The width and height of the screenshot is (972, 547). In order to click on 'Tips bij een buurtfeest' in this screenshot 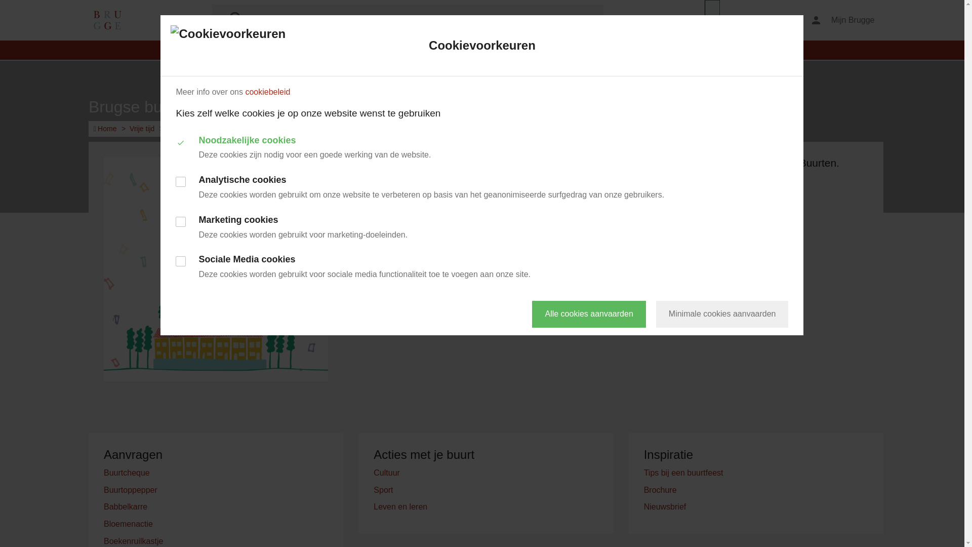, I will do `click(683, 473)`.